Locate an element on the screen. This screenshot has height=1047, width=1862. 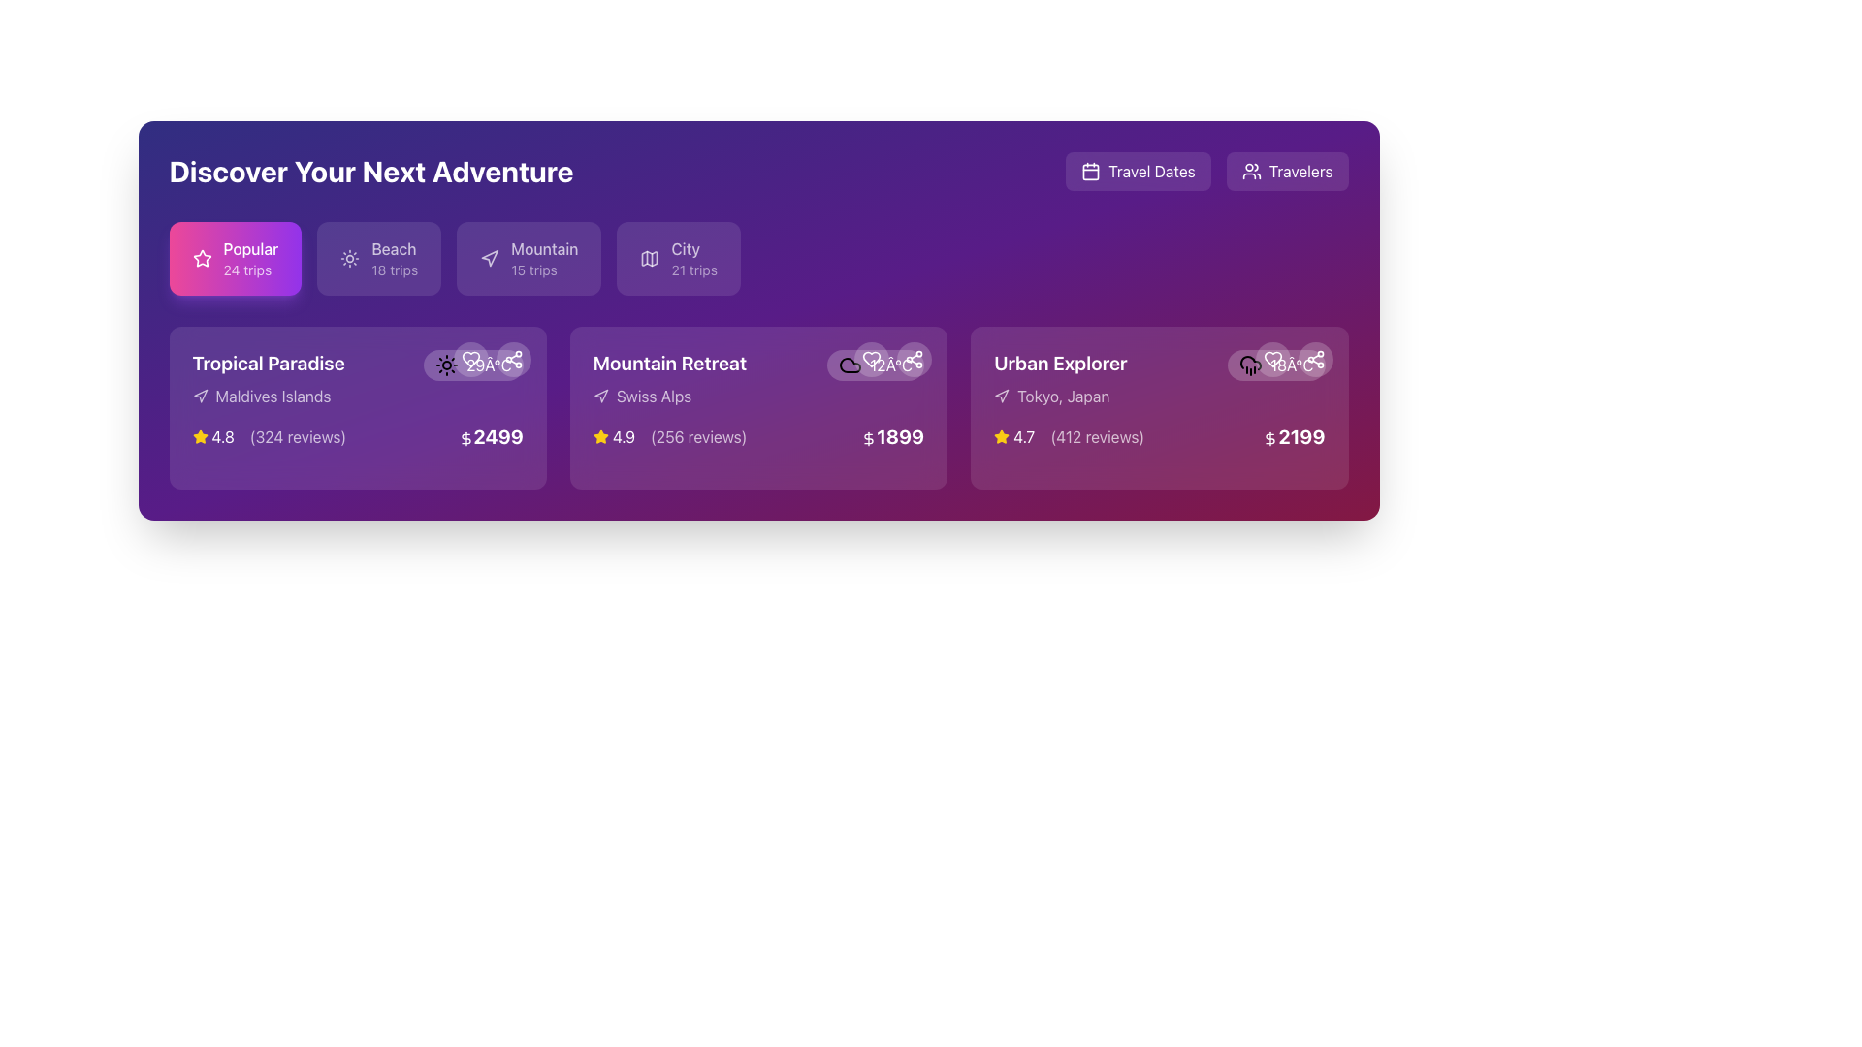
the 'Beach' category button, which displays 'Beach' and '18 trips' with white text on a purple background, located between 'Popular' and 'Mountain' is located at coordinates (394, 257).